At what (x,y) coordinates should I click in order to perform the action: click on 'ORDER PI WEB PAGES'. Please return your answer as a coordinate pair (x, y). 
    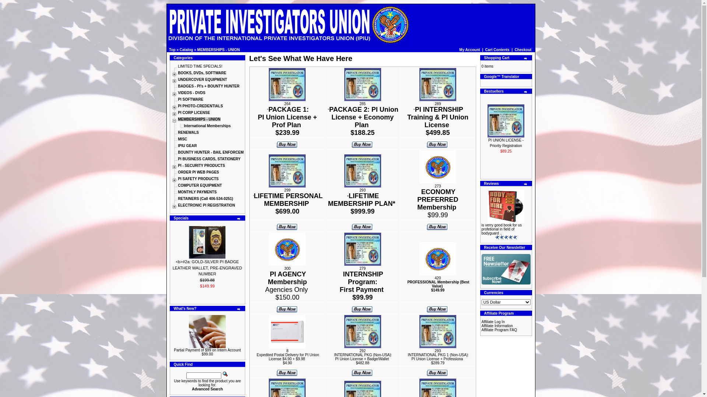
    Looking at the image, I should click on (198, 172).